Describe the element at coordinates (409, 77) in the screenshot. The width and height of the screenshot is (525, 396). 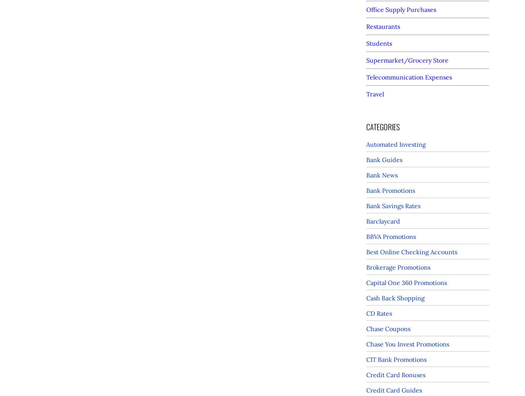
I see `'Telecommunication Expenses'` at that location.